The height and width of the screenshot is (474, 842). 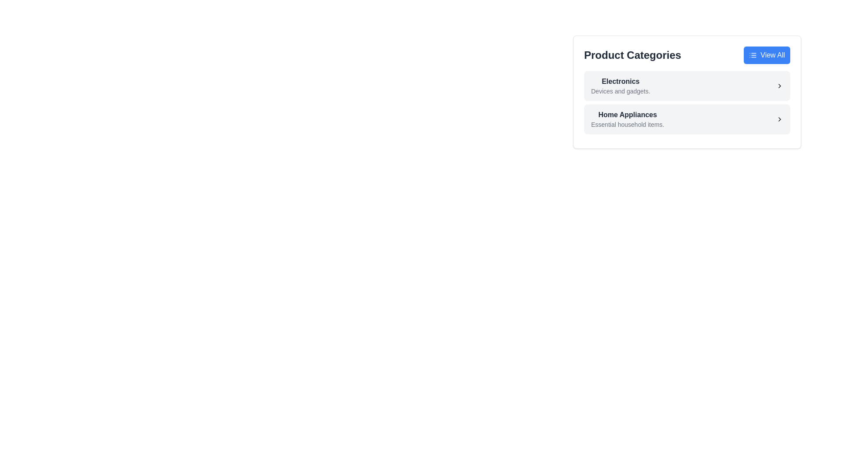 What do you see at coordinates (620, 86) in the screenshot?
I see `textual content of the text block with the bold heading 'Electronics' and subtext 'Devices and gadgets.' located in the top section of the 'Product Categories' card` at bounding box center [620, 86].